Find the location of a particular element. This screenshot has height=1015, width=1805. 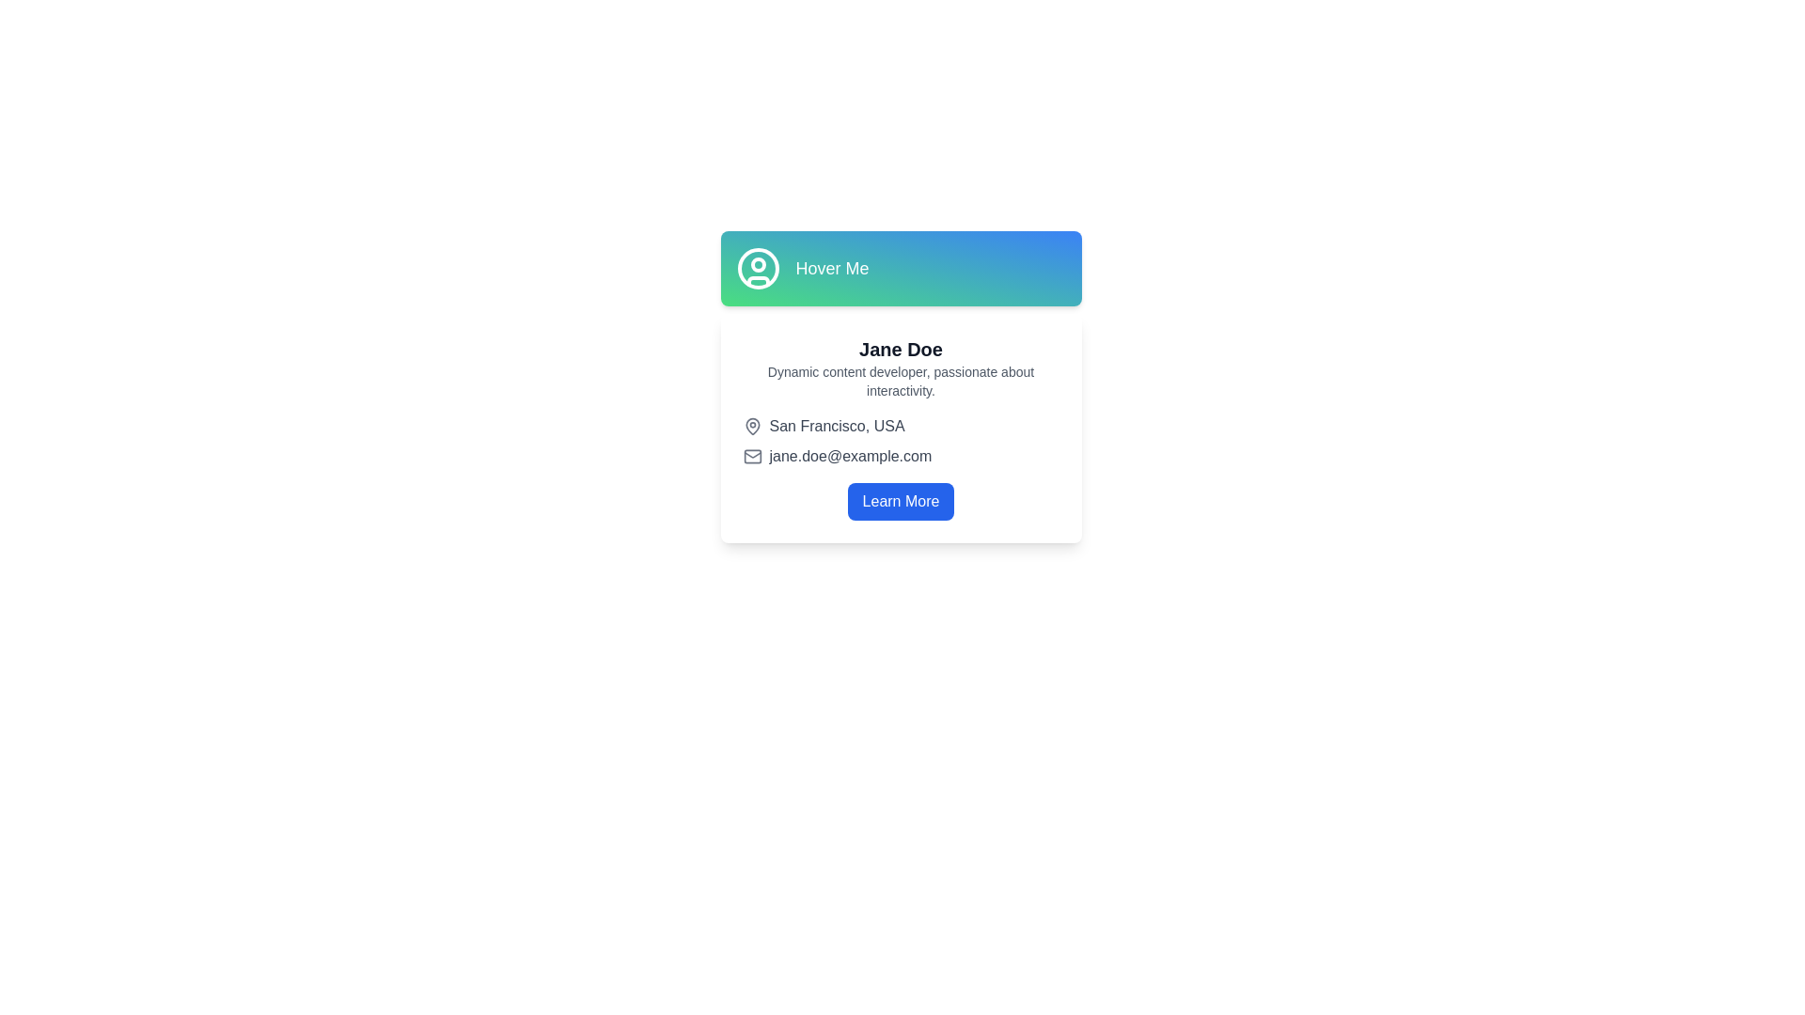

the static text display showing the email address 'jane.doe@example.com', which is positioned next to an email icon within a horizontally aligned group below the user's name is located at coordinates (849, 457).